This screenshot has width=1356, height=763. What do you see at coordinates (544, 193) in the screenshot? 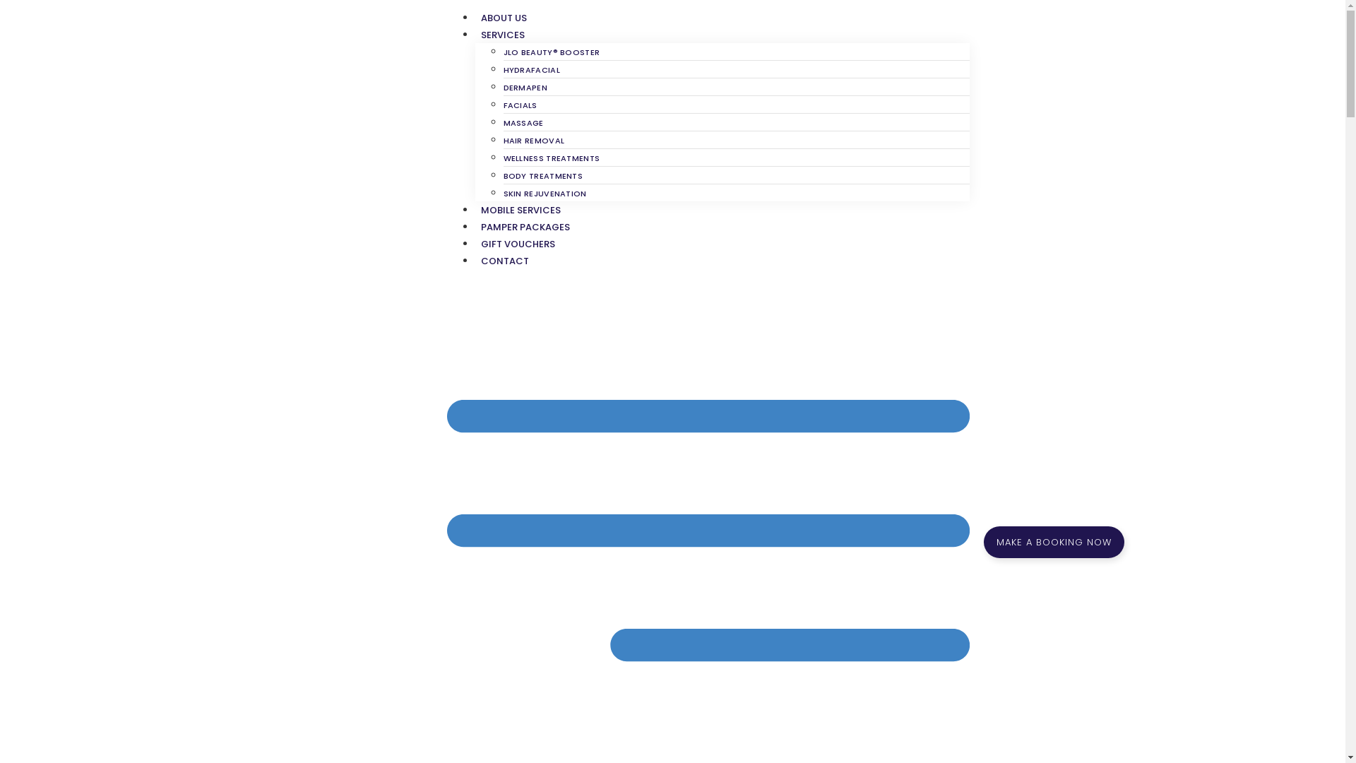
I see `'SKIN REJUVENATION'` at bounding box center [544, 193].